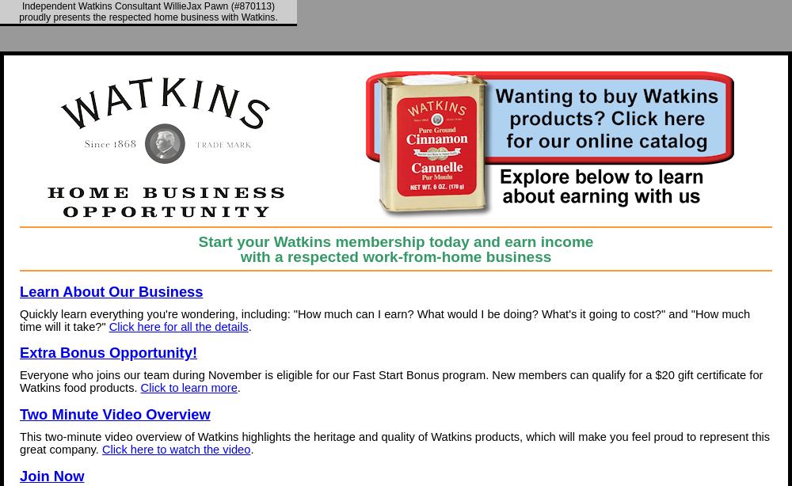  Describe the element at coordinates (390, 380) in the screenshot. I see `'Everyone who joins our team during November is eligible for our Fast Start Bonus program. New members can qualify for a $20 gift certificate for Watkins food products.'` at that location.